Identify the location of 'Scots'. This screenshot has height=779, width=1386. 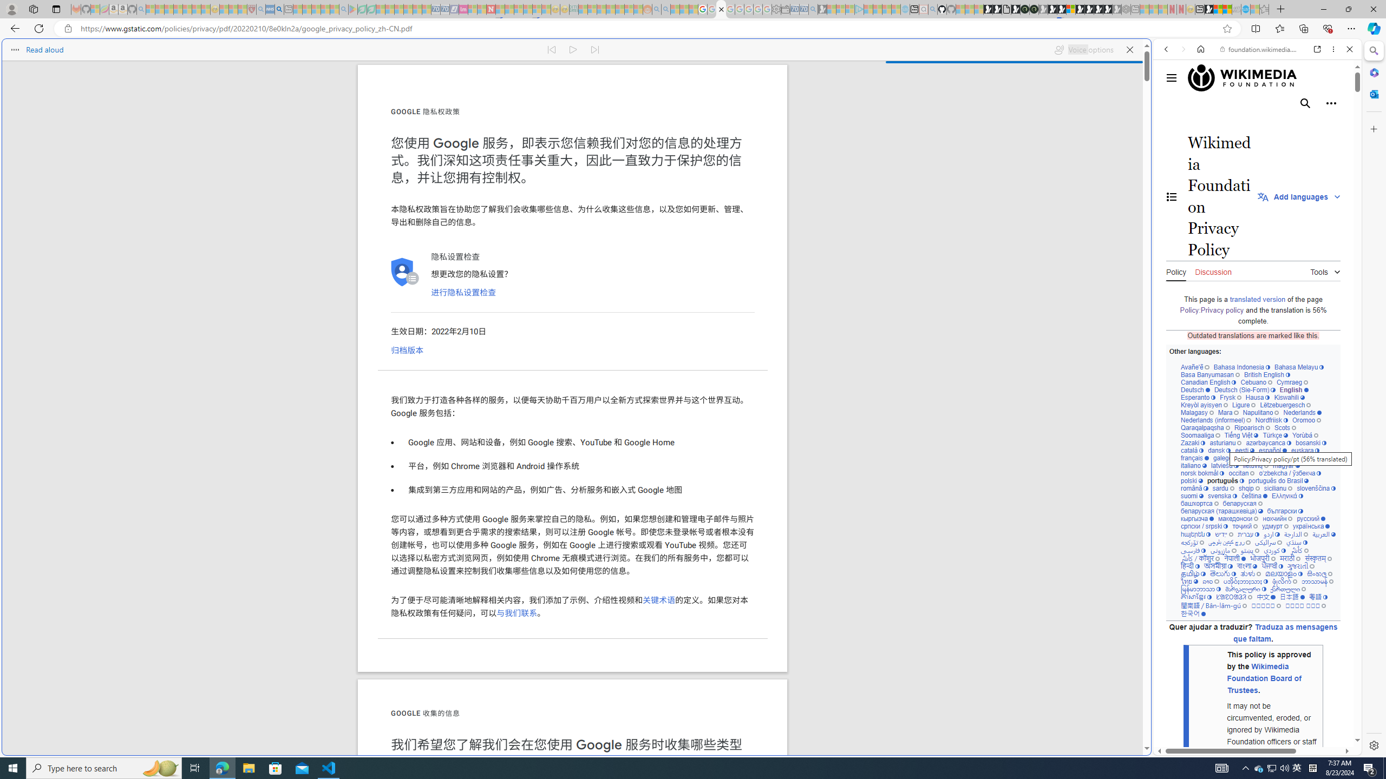
(1285, 427).